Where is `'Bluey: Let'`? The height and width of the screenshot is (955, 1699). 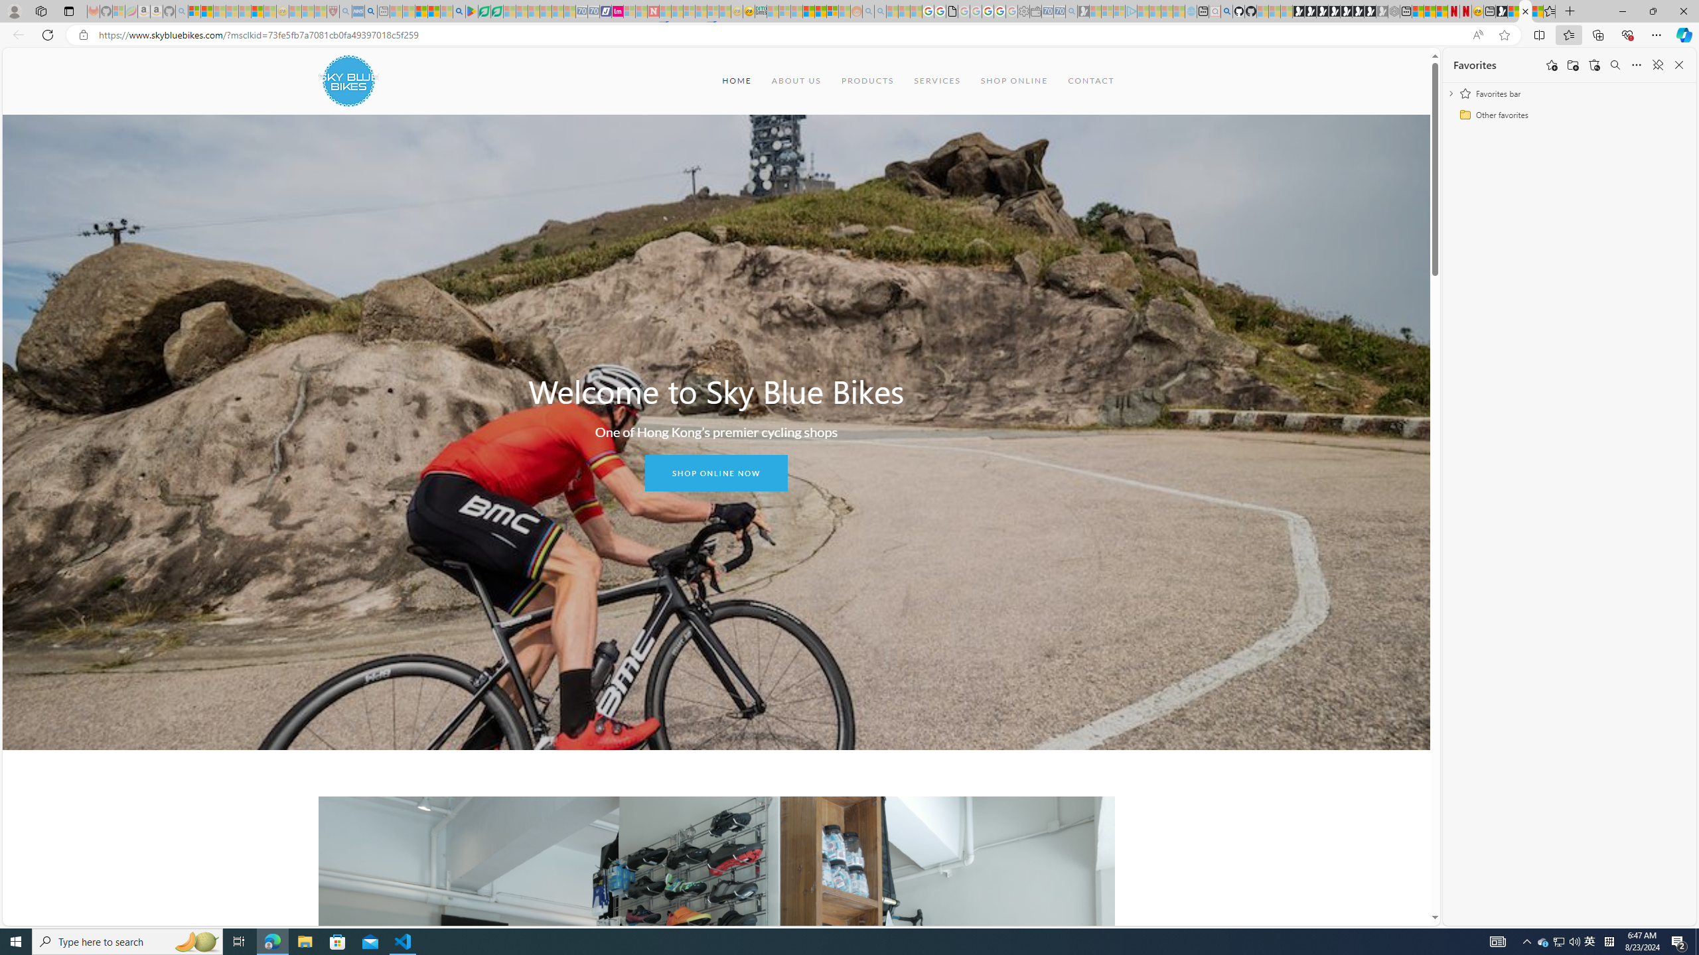
'Bluey: Let' is located at coordinates (471, 11).